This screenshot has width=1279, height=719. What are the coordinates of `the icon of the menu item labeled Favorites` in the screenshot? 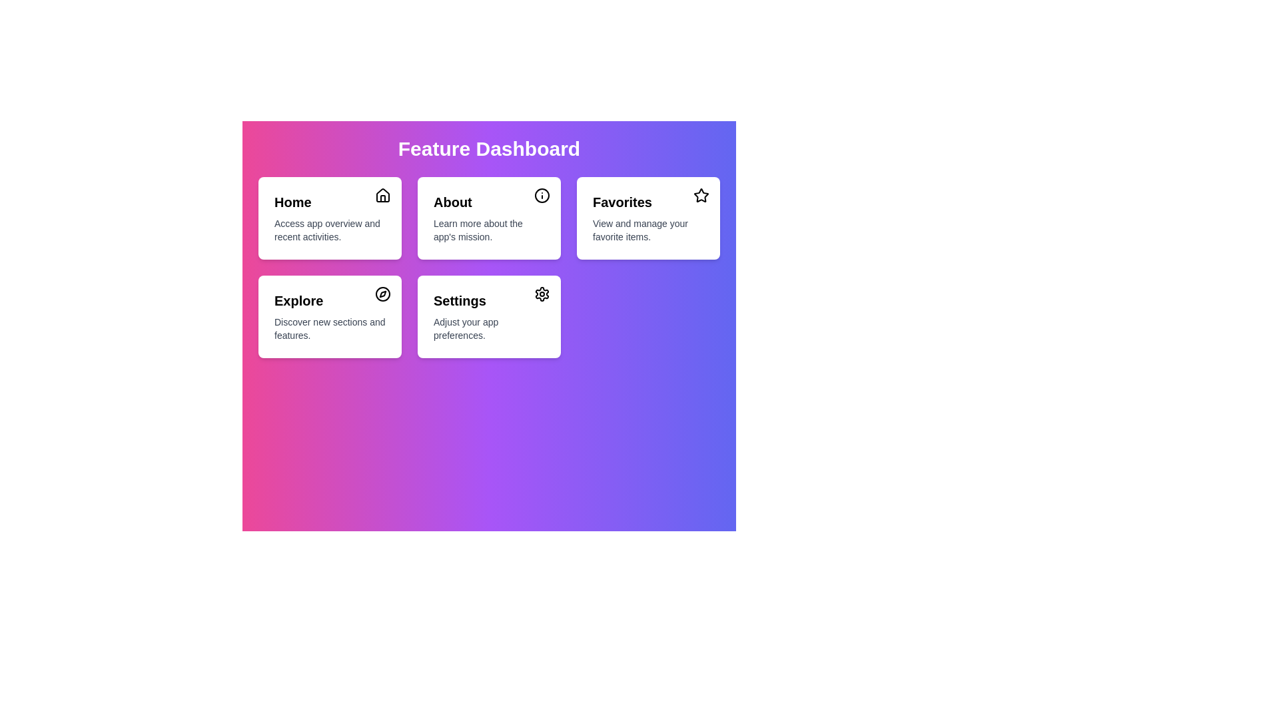 It's located at (700, 195).